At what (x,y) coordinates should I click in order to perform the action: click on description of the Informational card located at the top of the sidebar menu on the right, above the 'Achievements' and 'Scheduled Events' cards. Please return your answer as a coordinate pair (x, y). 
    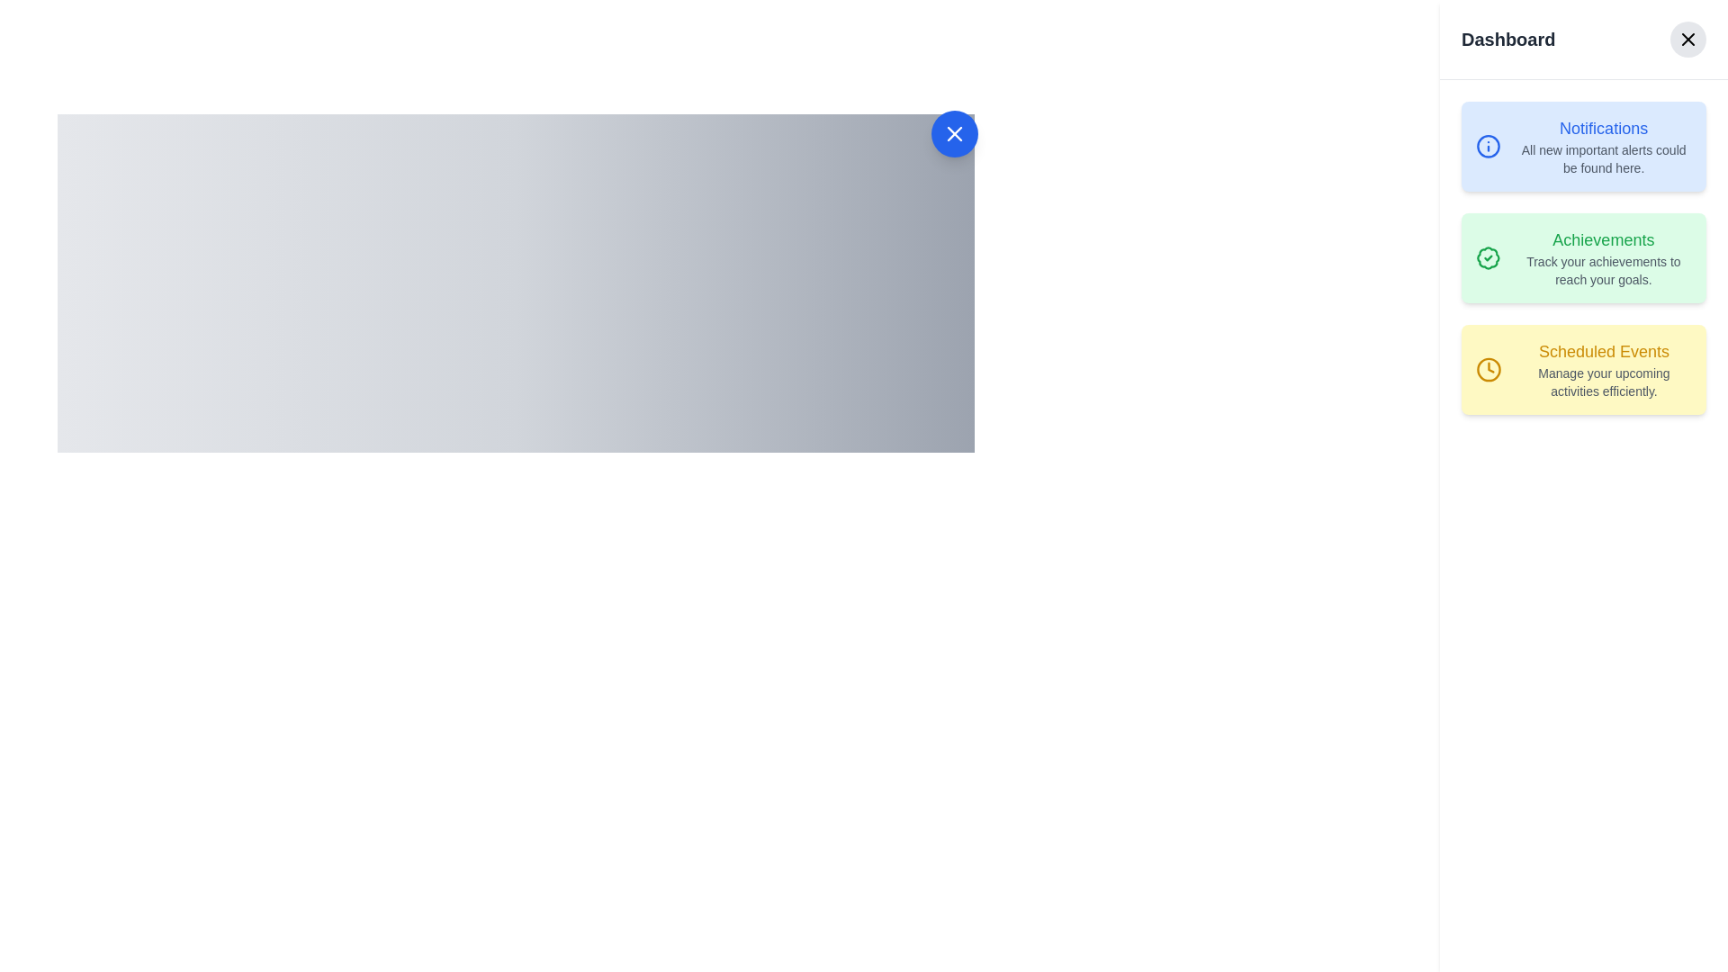
    Looking at the image, I should click on (1584, 145).